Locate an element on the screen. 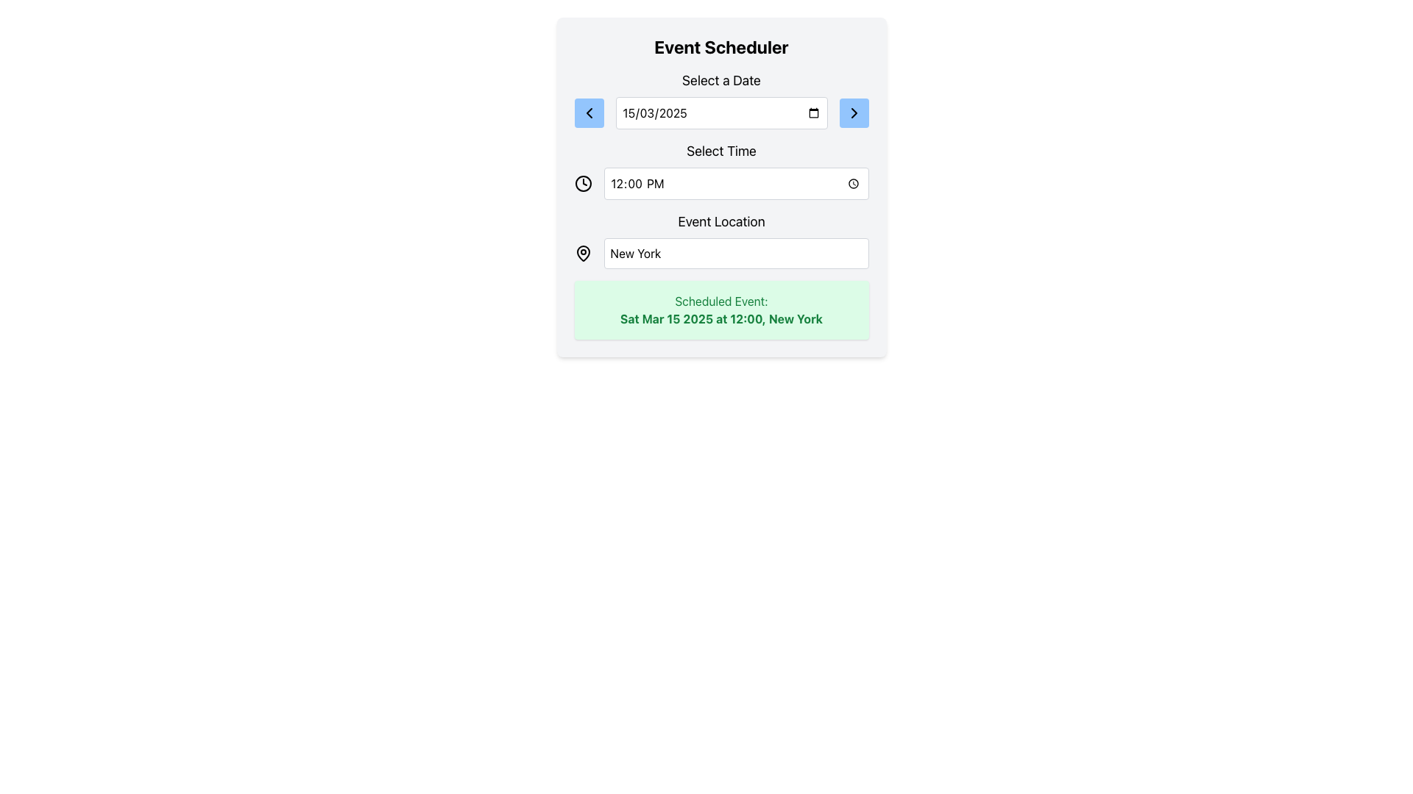 This screenshot has height=794, width=1413. the blue button with rounded corners featuring a right-chevron icon is located at coordinates (854, 112).